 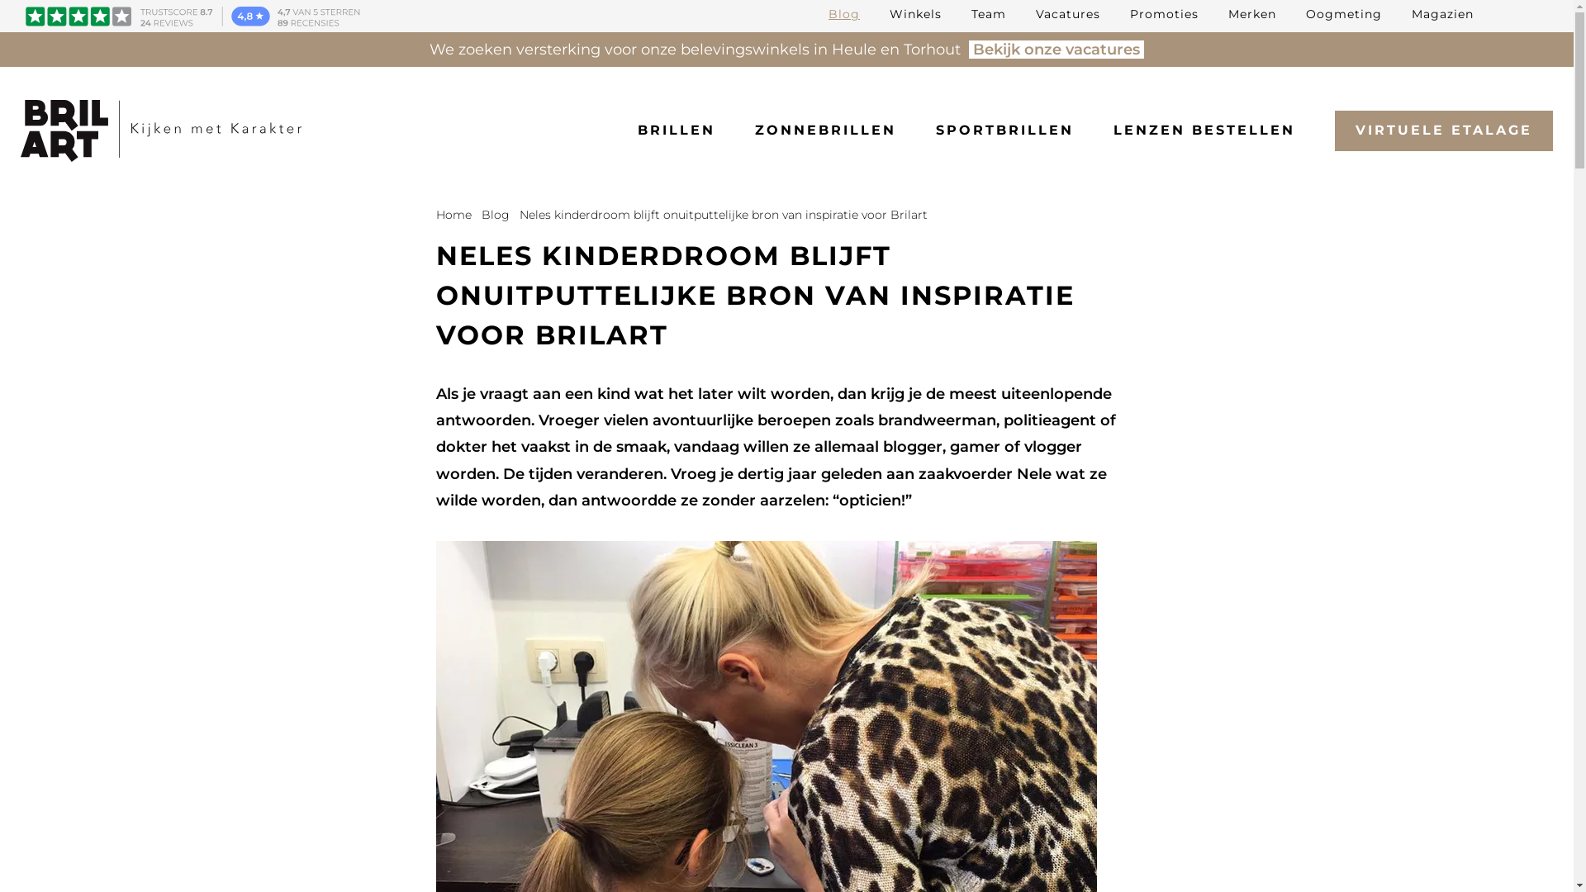 I want to click on 'Team', so click(x=988, y=13).